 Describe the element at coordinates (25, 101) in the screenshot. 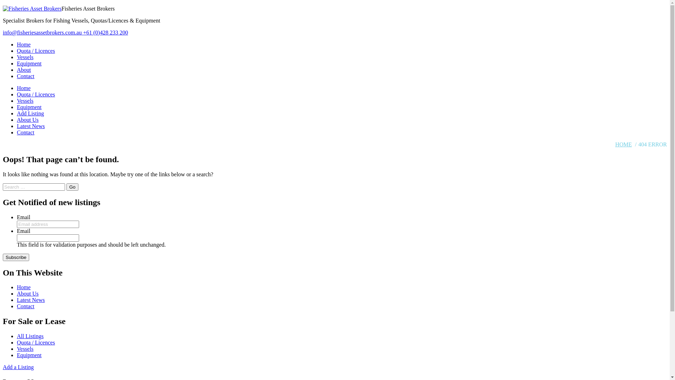

I see `'Vessels'` at that location.